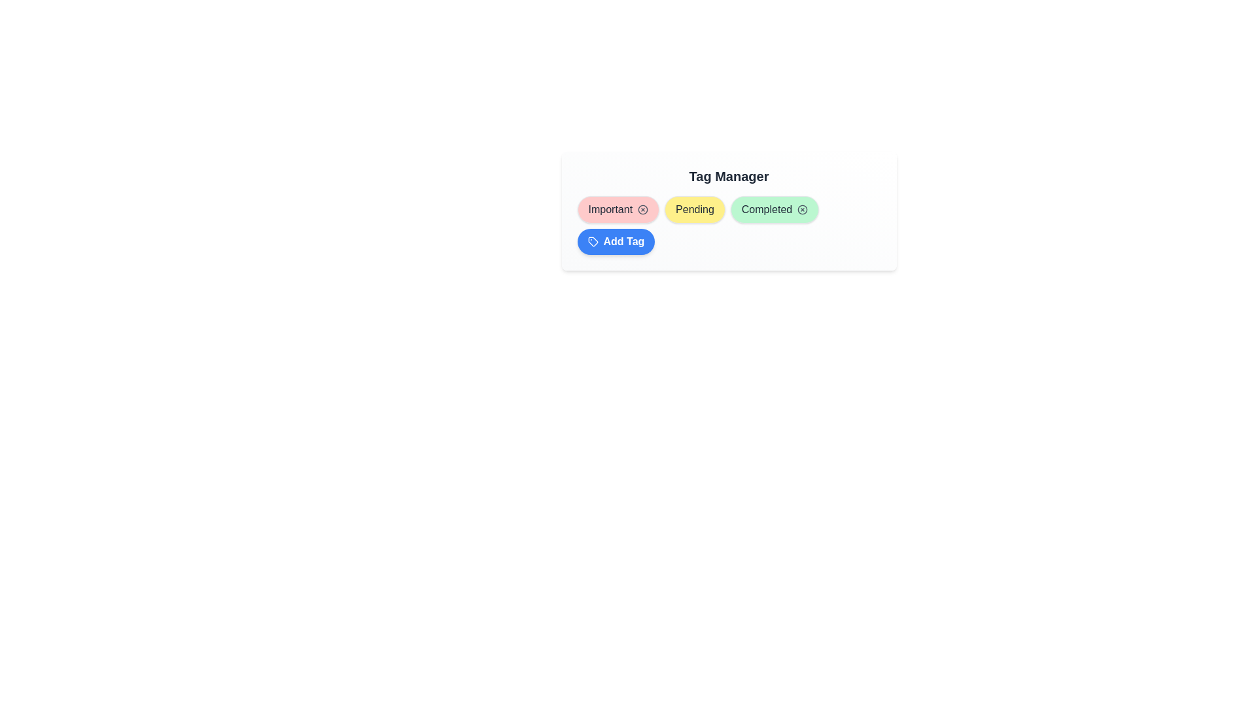 The height and width of the screenshot is (706, 1256). Describe the element at coordinates (643, 209) in the screenshot. I see `the close button of the 'Important' tag to remove it` at that location.